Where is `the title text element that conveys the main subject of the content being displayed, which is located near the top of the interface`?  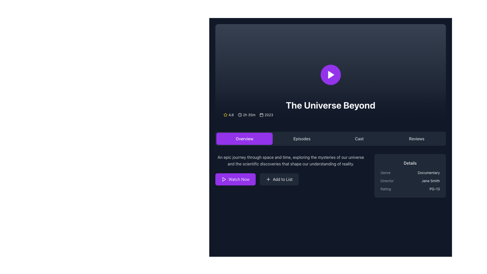 the title text element that conveys the main subject of the content being displayed, which is located near the top of the interface is located at coordinates (331, 105).